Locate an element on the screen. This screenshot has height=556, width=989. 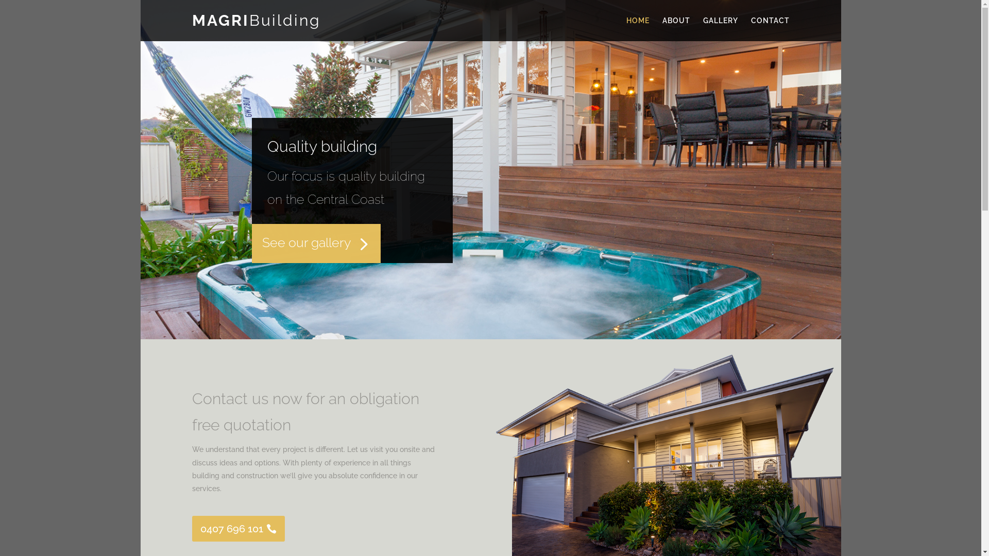
'MAGRIBuilding' is located at coordinates (256, 23).